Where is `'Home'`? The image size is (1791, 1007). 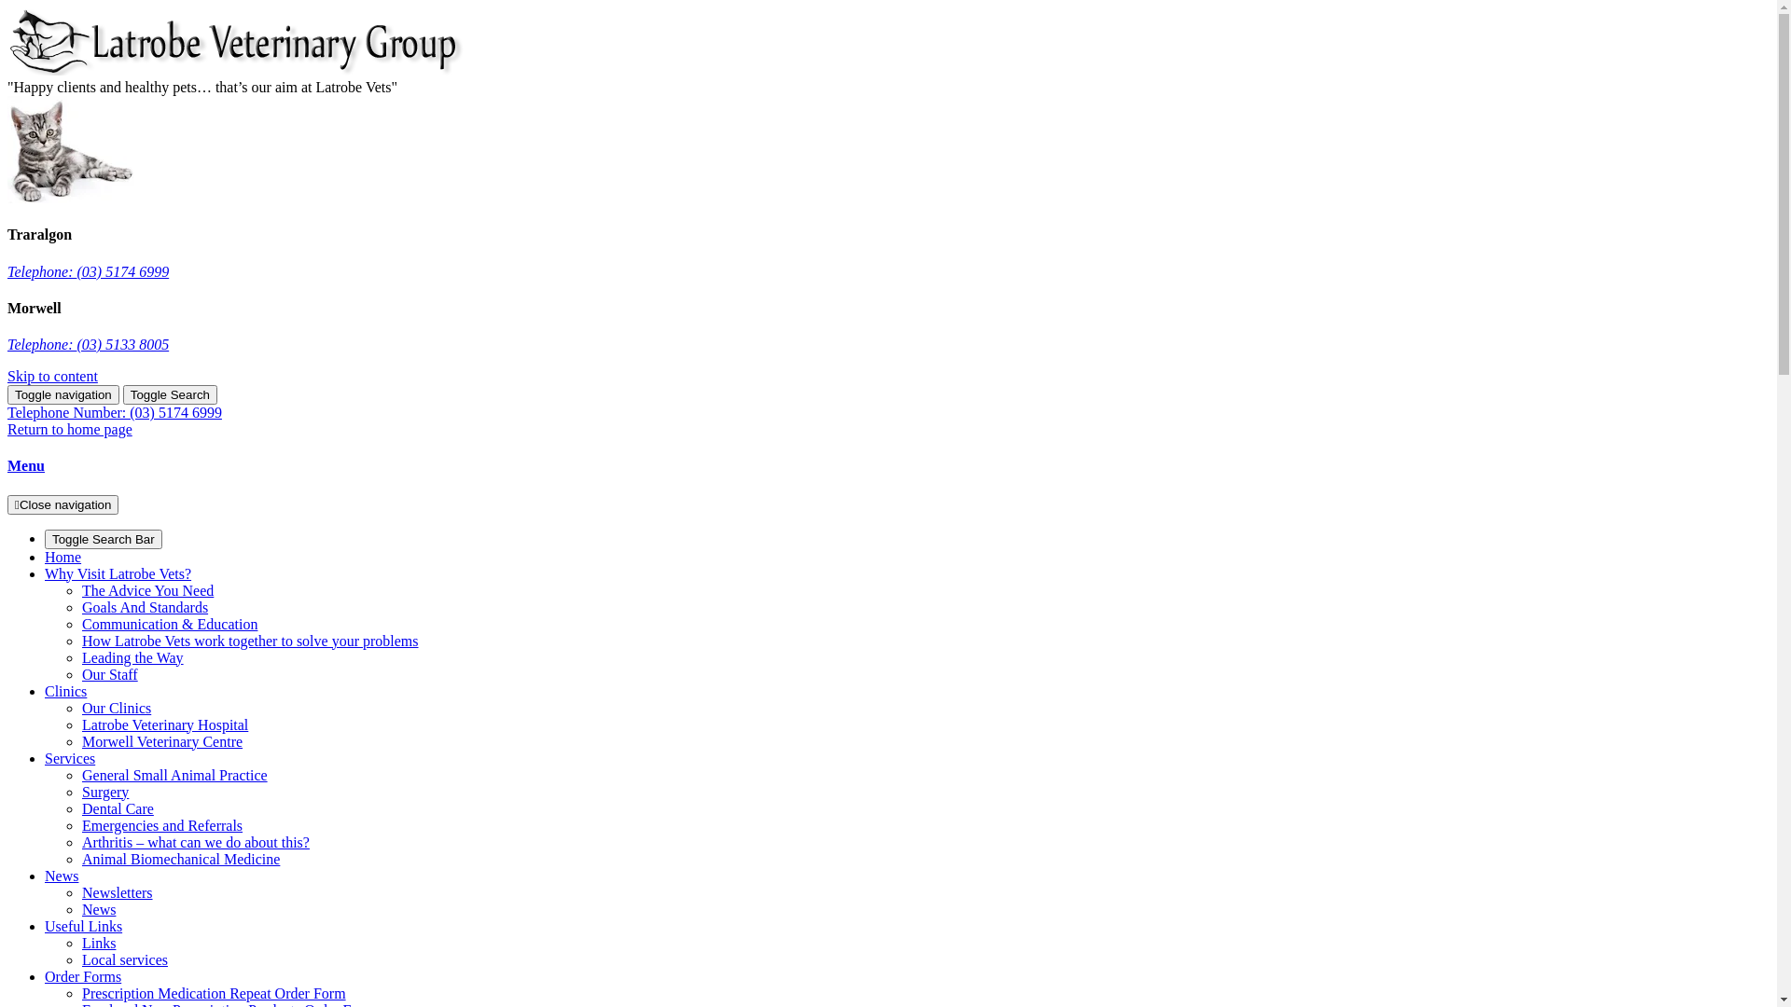
'Home' is located at coordinates (62, 556).